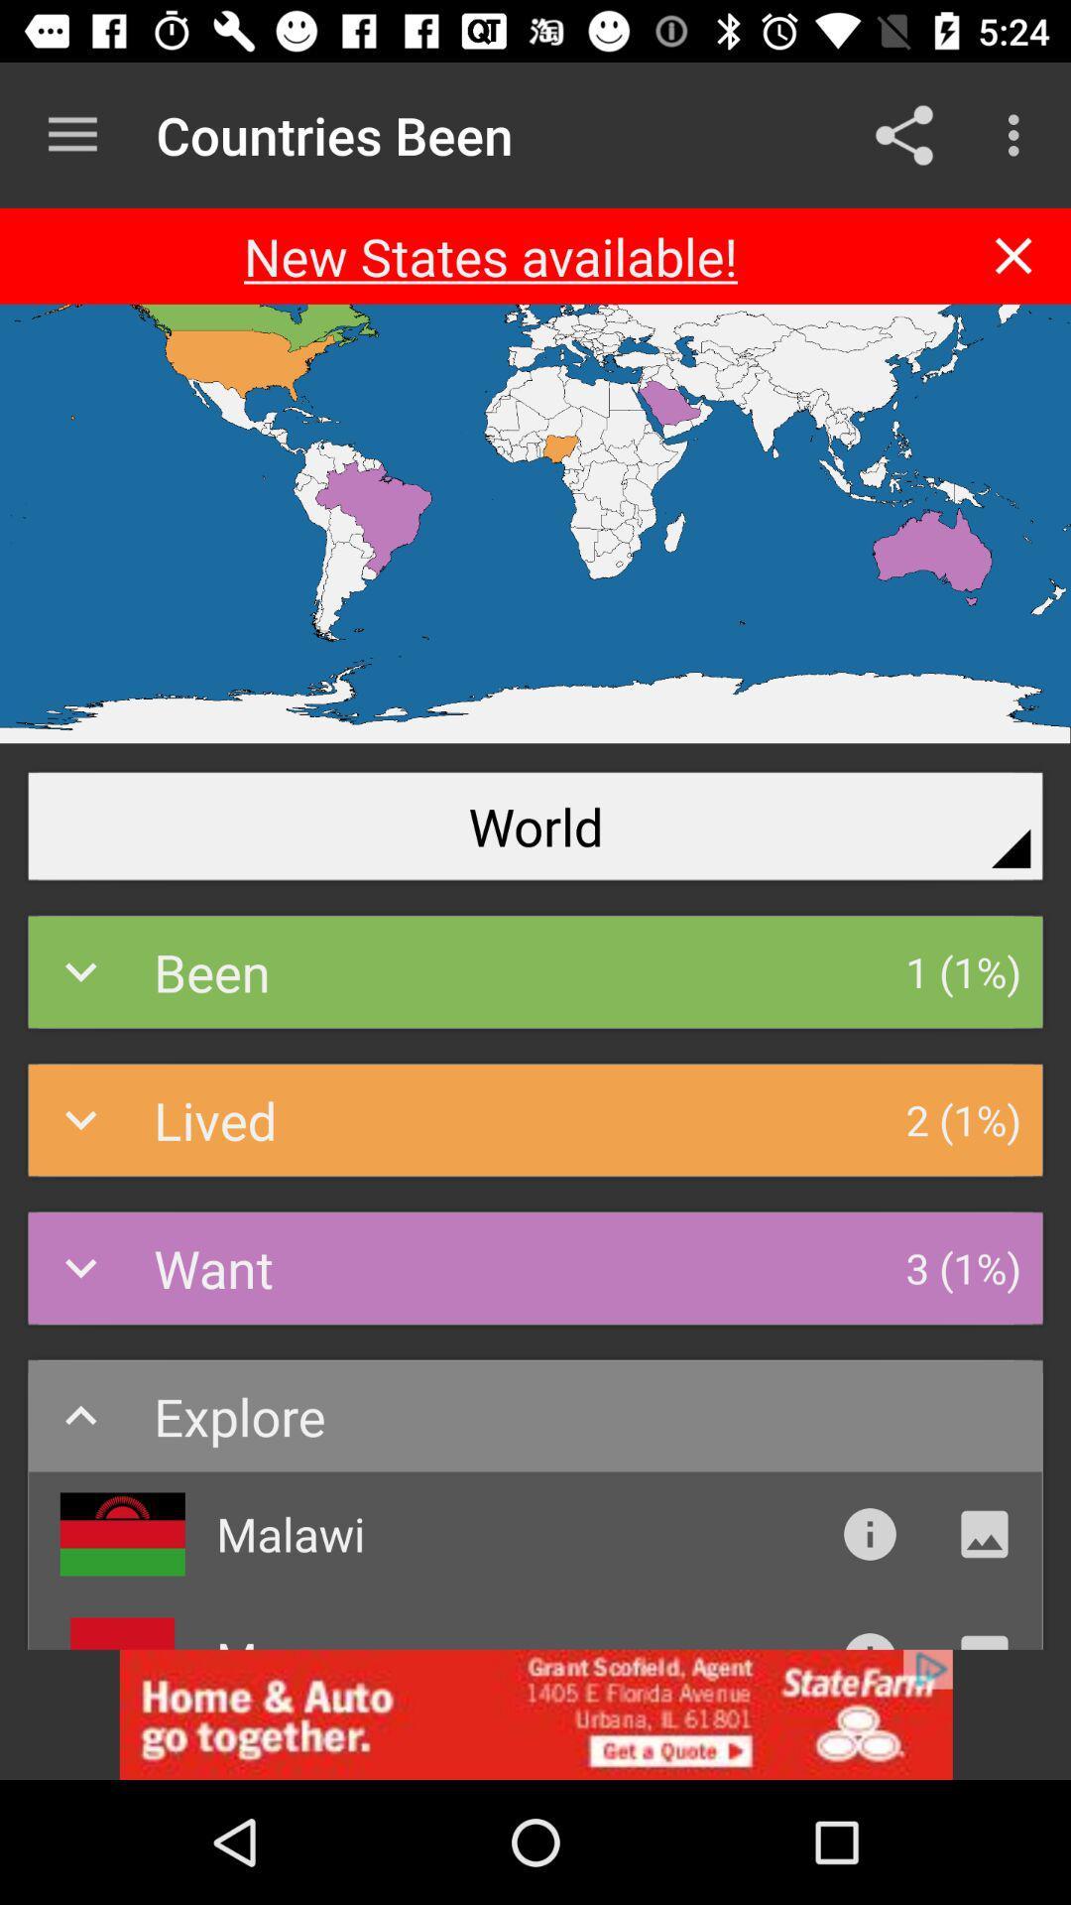 The height and width of the screenshot is (1905, 1071). What do you see at coordinates (71, 134) in the screenshot?
I see `menu` at bounding box center [71, 134].